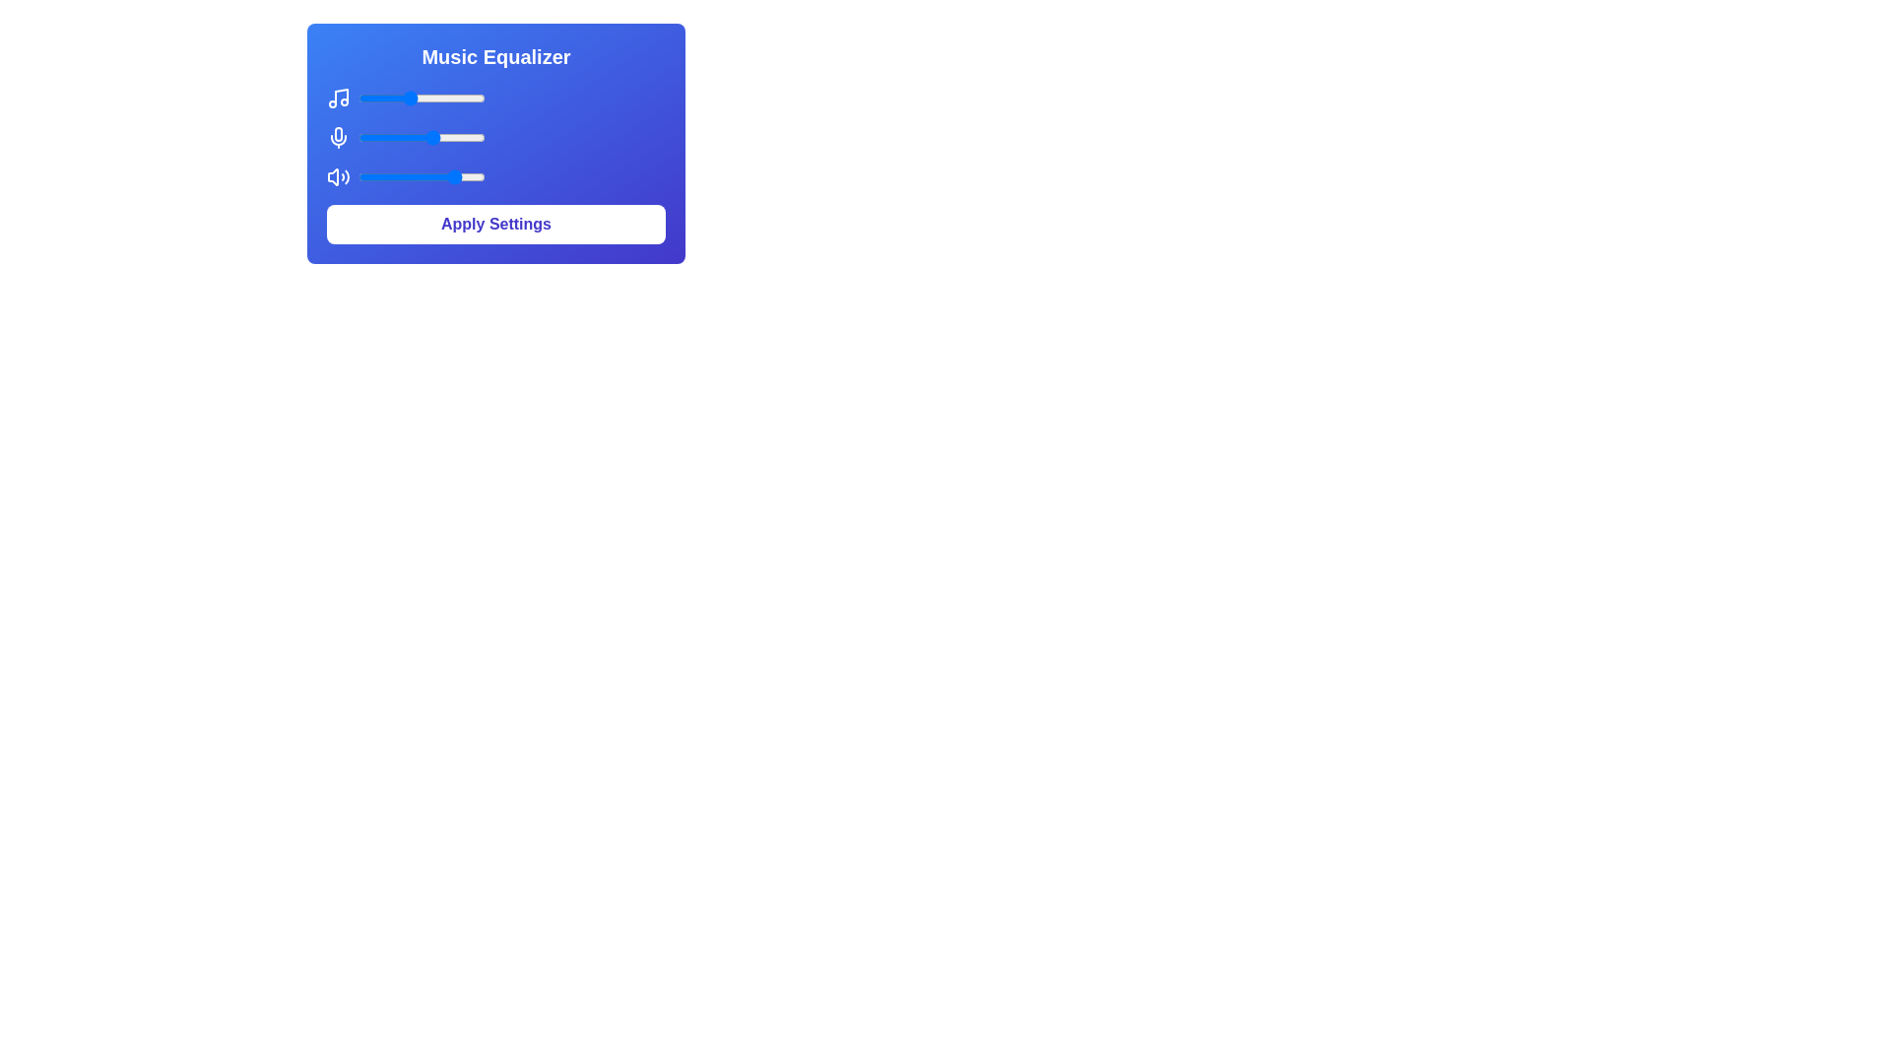  What do you see at coordinates (388, 99) in the screenshot?
I see `the music level` at bounding box center [388, 99].